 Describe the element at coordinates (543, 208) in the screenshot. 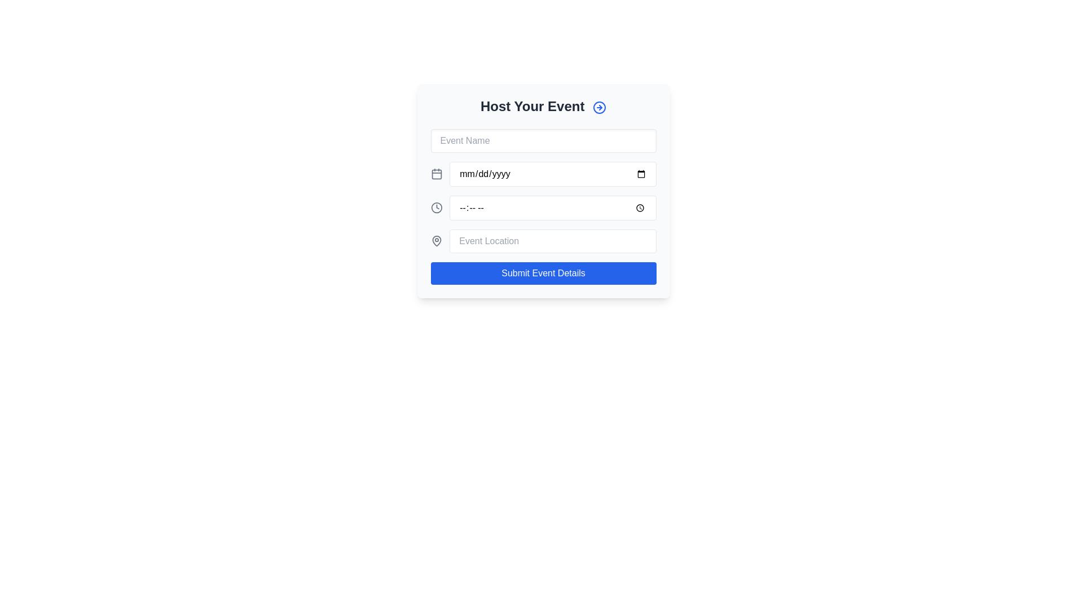

I see `the Time Input Field, which is the third input field in the 'Host Your Event' section` at that location.